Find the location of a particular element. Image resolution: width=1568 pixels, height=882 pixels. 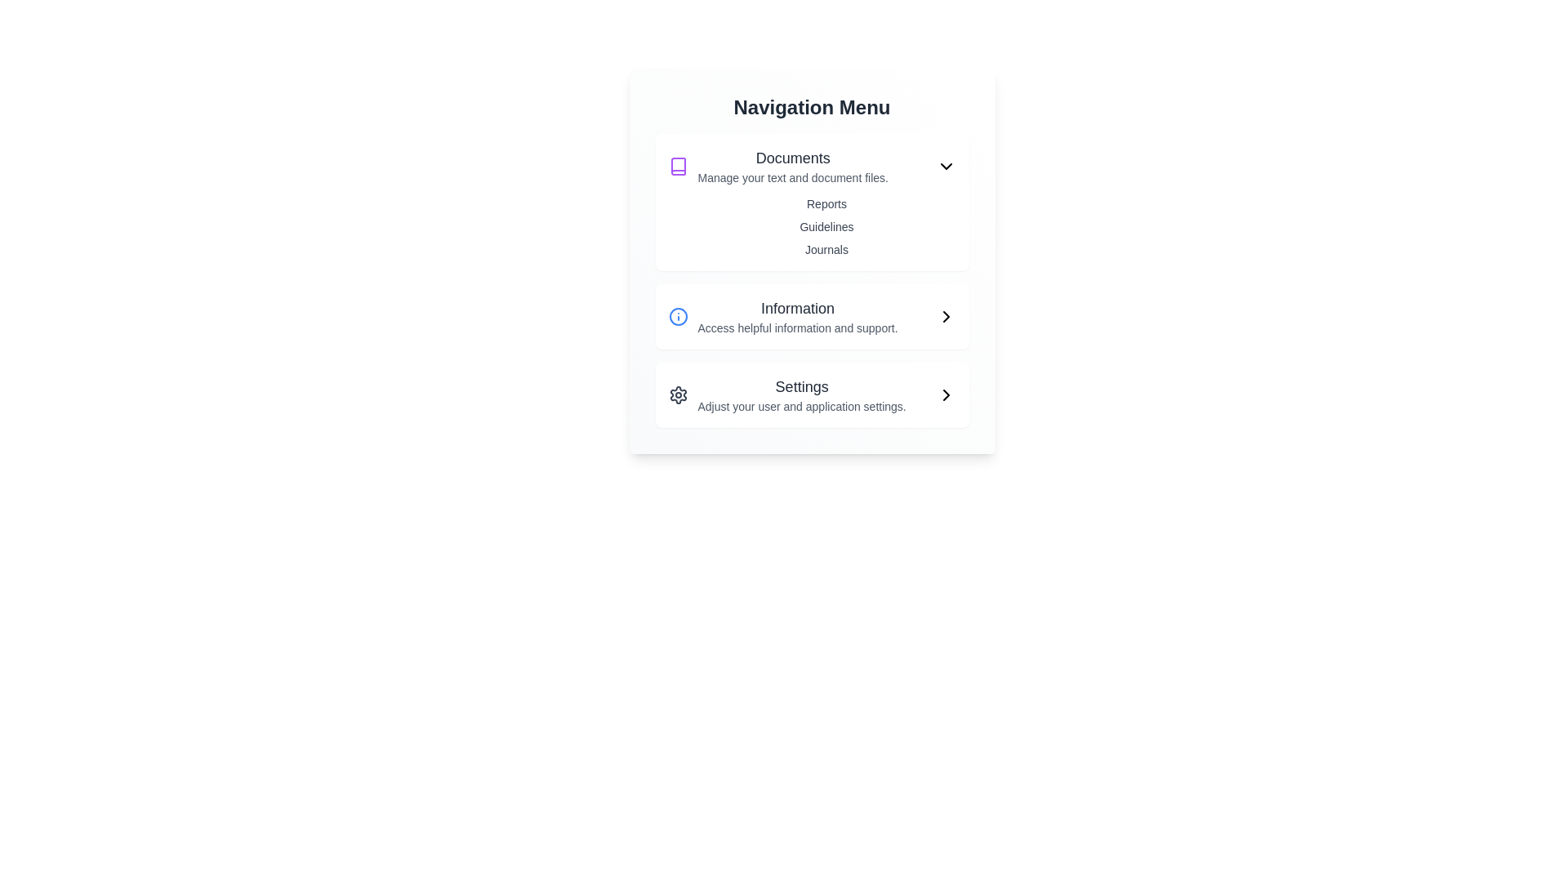

the circular blue icon with an 'i' inside, located to the left of the 'Information' heading in the navigation menu is located at coordinates (678, 317).